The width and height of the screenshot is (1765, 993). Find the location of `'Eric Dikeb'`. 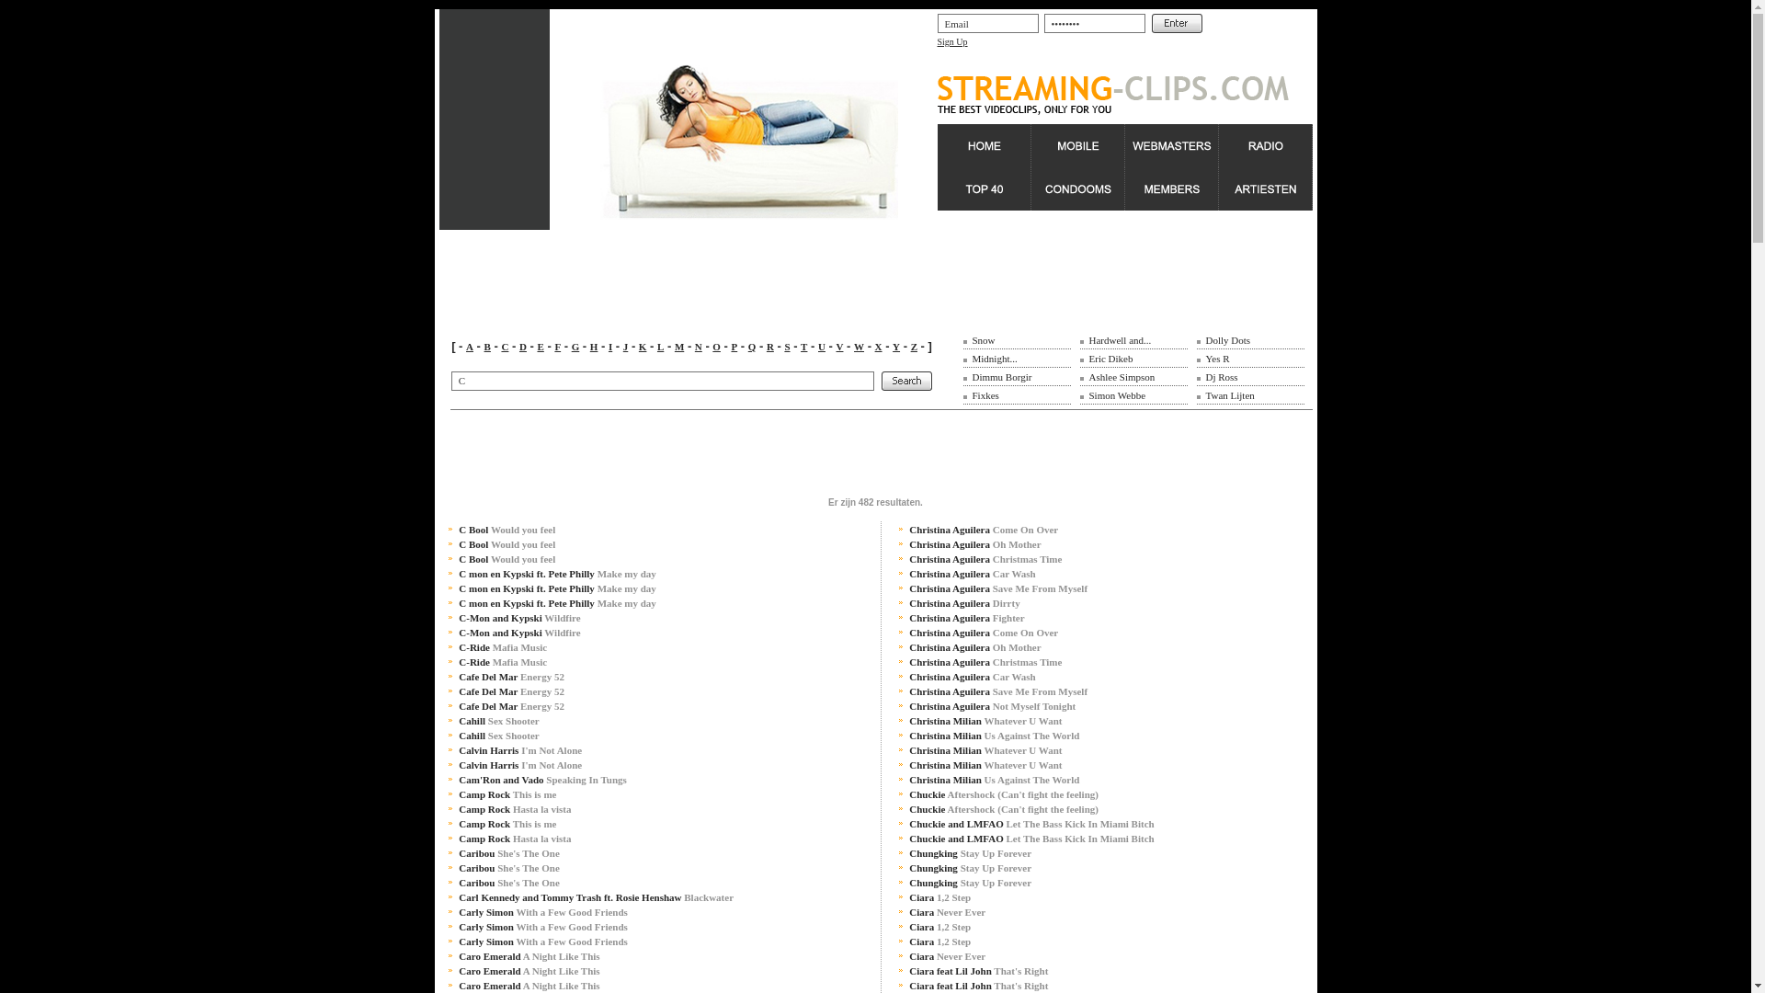

'Eric Dikeb' is located at coordinates (1110, 358).